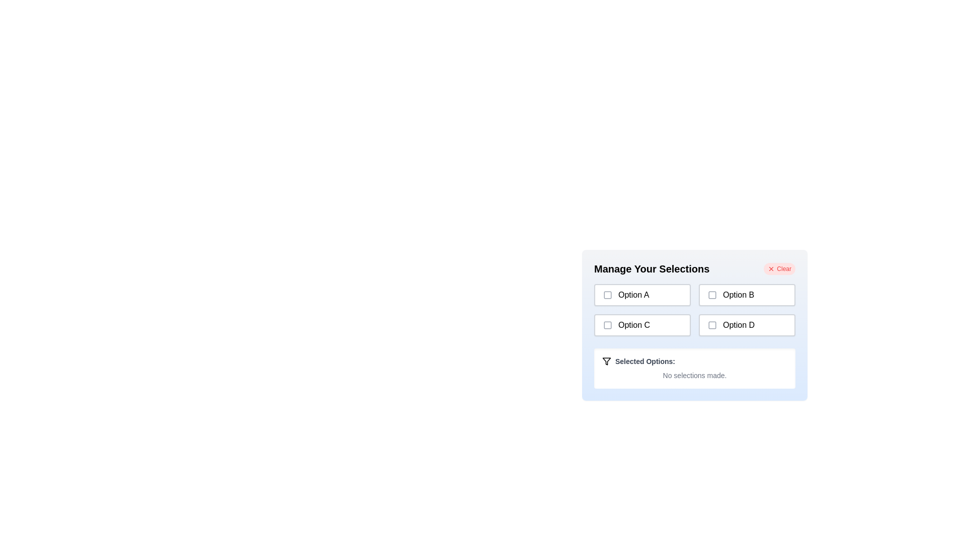  What do you see at coordinates (607, 325) in the screenshot?
I see `the checkbox corresponding to Option C` at bounding box center [607, 325].